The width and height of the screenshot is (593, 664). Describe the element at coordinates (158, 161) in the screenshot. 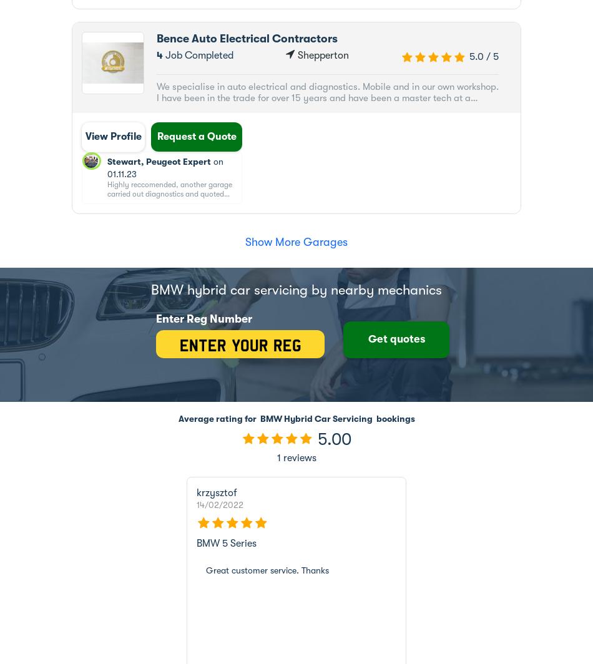

I see `'Stewart, Peugeot Expert'` at that location.